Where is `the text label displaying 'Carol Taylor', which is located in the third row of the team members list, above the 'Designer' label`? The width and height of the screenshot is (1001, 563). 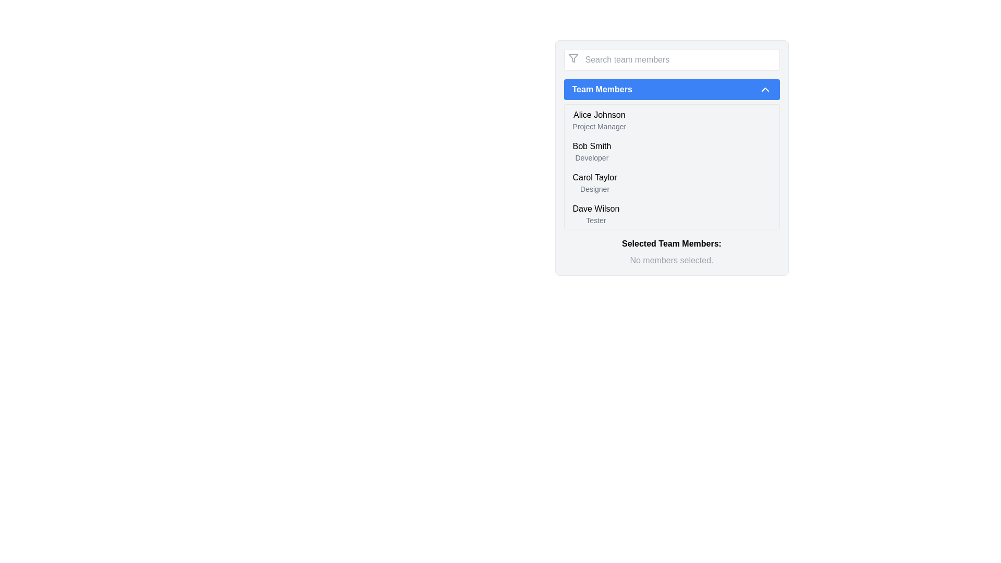 the text label displaying 'Carol Taylor', which is located in the third row of the team members list, above the 'Designer' label is located at coordinates (595, 177).